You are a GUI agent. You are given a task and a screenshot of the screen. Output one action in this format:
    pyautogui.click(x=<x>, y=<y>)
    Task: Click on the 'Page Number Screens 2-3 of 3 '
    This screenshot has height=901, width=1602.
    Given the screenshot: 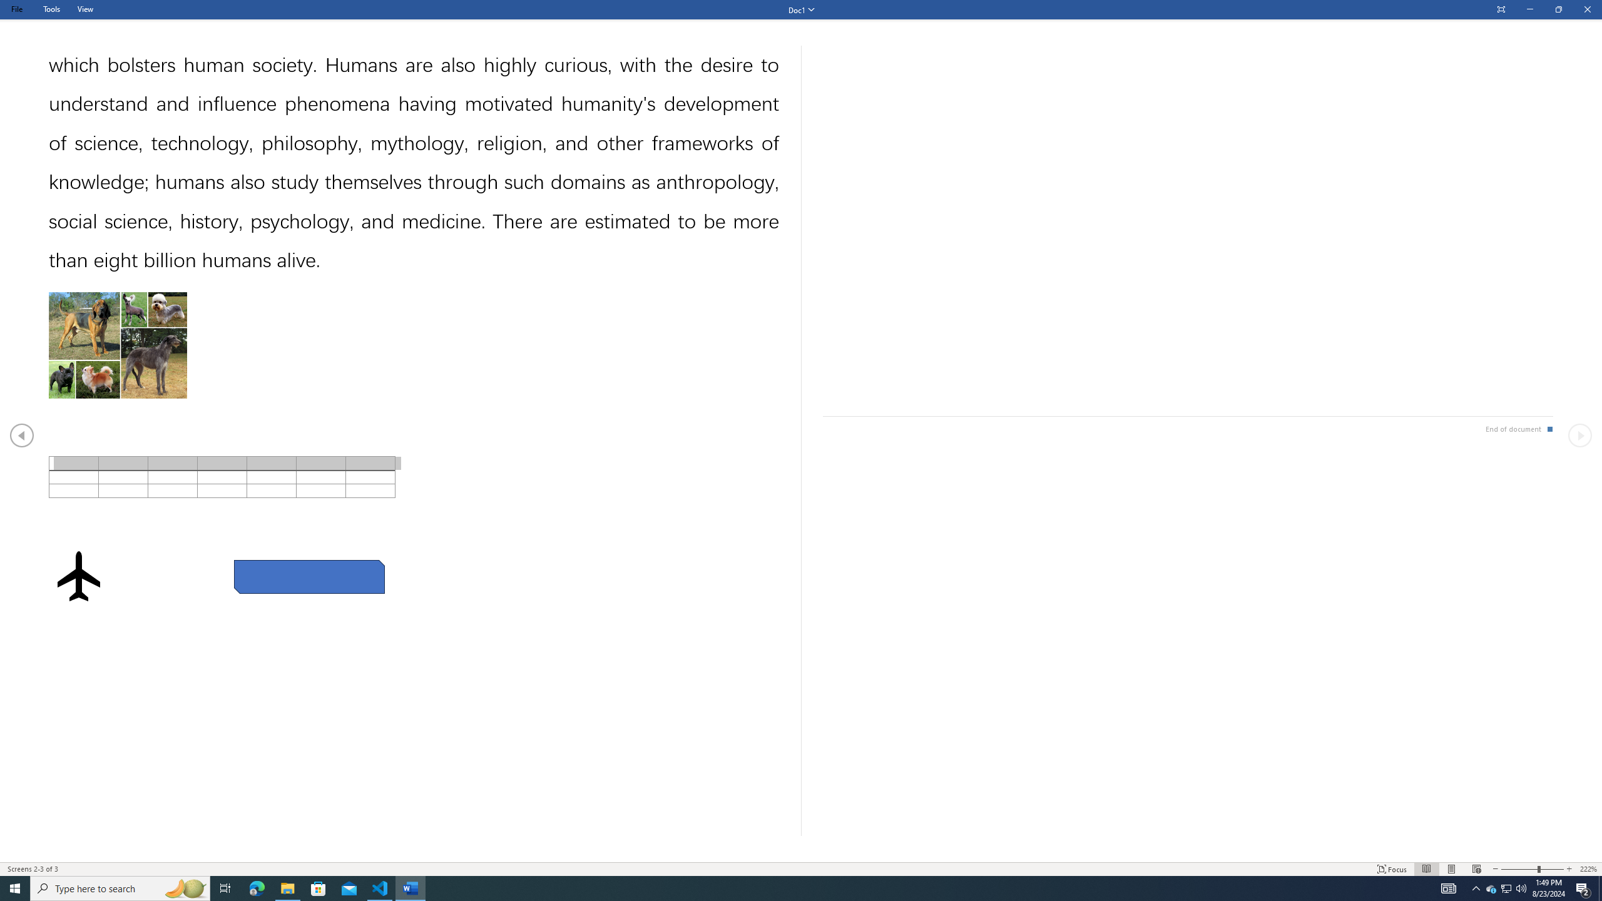 What is the action you would take?
    pyautogui.click(x=33, y=869)
    